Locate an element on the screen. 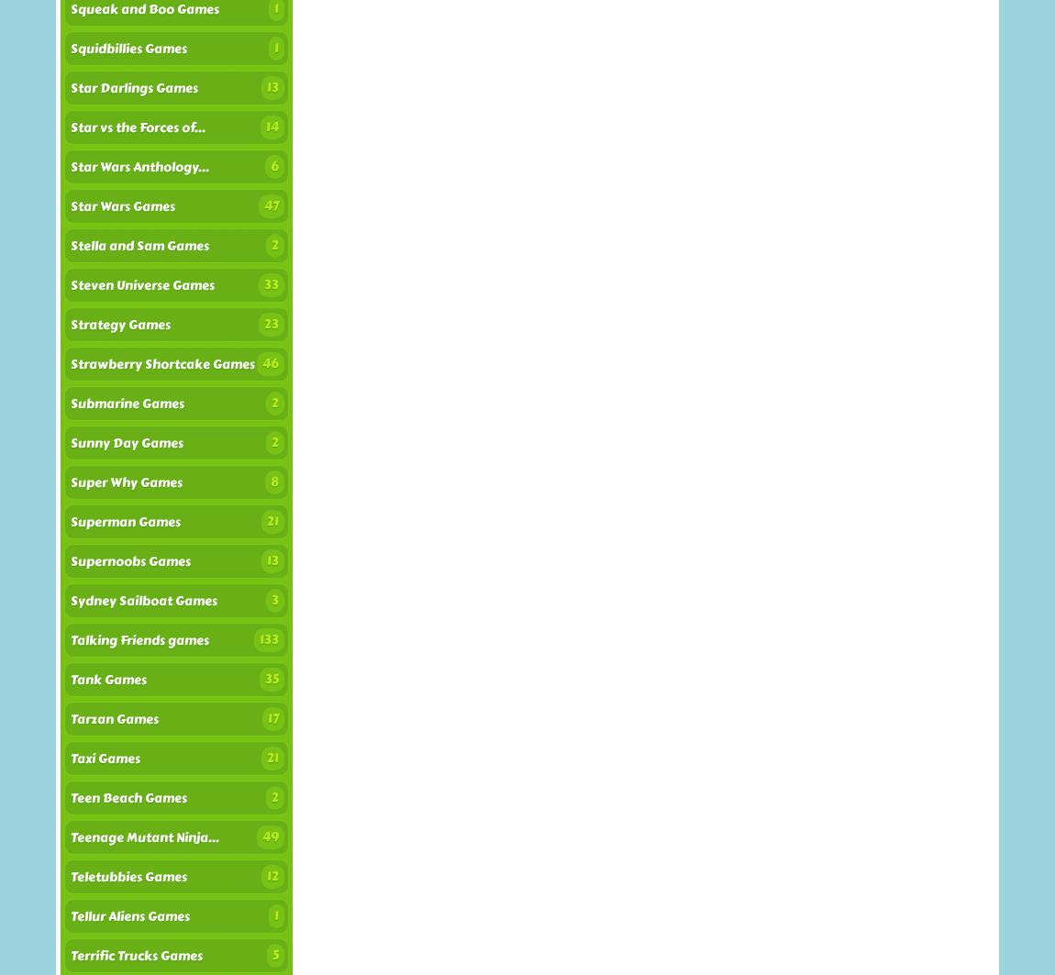 The height and width of the screenshot is (975, 1055). 'Tarzan Games' is located at coordinates (114, 718).